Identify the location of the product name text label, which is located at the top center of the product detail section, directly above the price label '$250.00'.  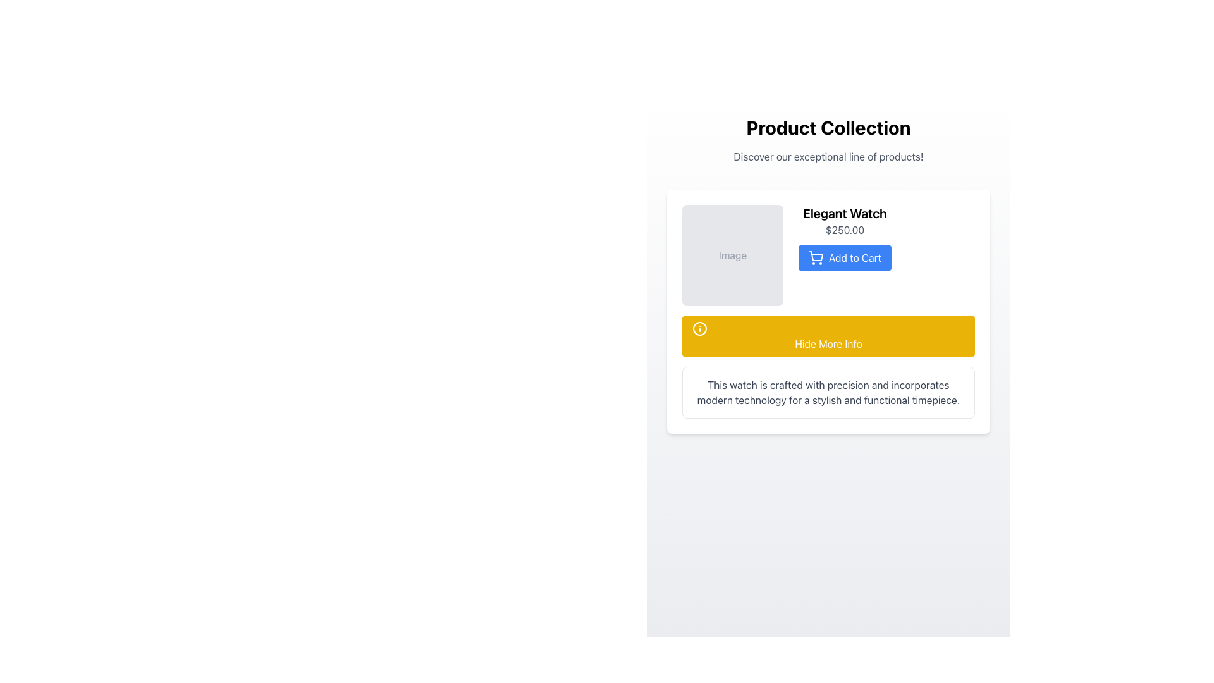
(845, 213).